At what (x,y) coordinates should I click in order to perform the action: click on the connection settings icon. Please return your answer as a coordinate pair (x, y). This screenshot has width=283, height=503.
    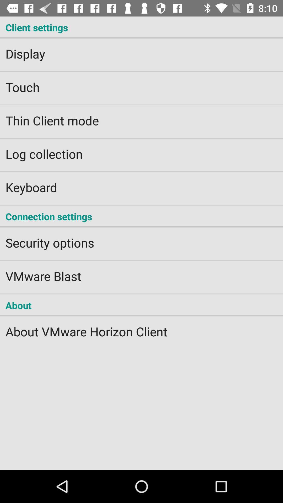
    Looking at the image, I should click on (141, 216).